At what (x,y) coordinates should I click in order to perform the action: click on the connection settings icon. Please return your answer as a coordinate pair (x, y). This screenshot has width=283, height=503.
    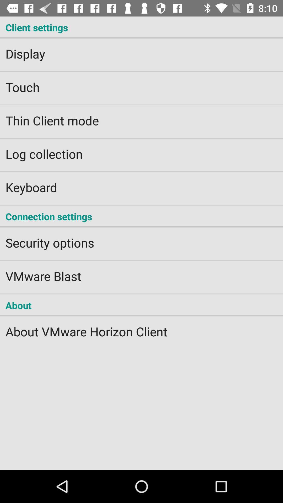
    Looking at the image, I should click on (141, 216).